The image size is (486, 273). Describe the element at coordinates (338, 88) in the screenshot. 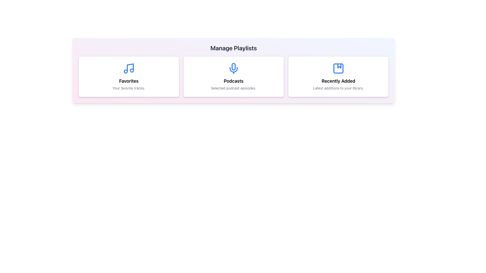

I see `the descriptive text element located within the bottom portion of the 'Recently Added' card, which provides additional information about the card's functionality` at that location.